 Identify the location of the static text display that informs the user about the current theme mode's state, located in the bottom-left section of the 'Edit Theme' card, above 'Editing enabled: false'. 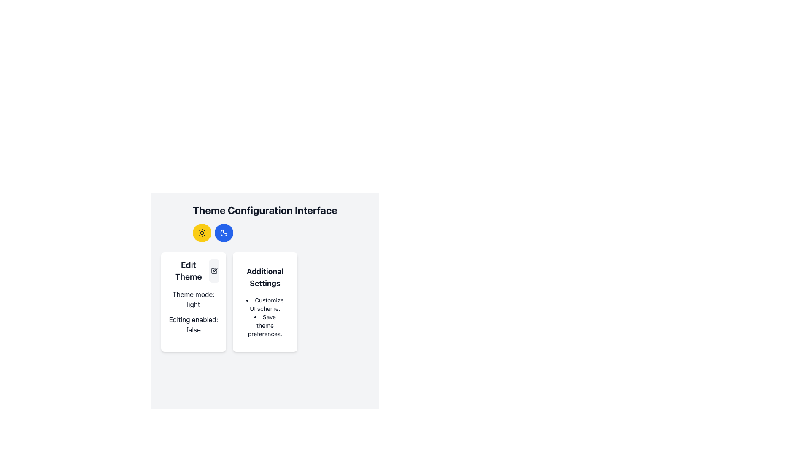
(193, 299).